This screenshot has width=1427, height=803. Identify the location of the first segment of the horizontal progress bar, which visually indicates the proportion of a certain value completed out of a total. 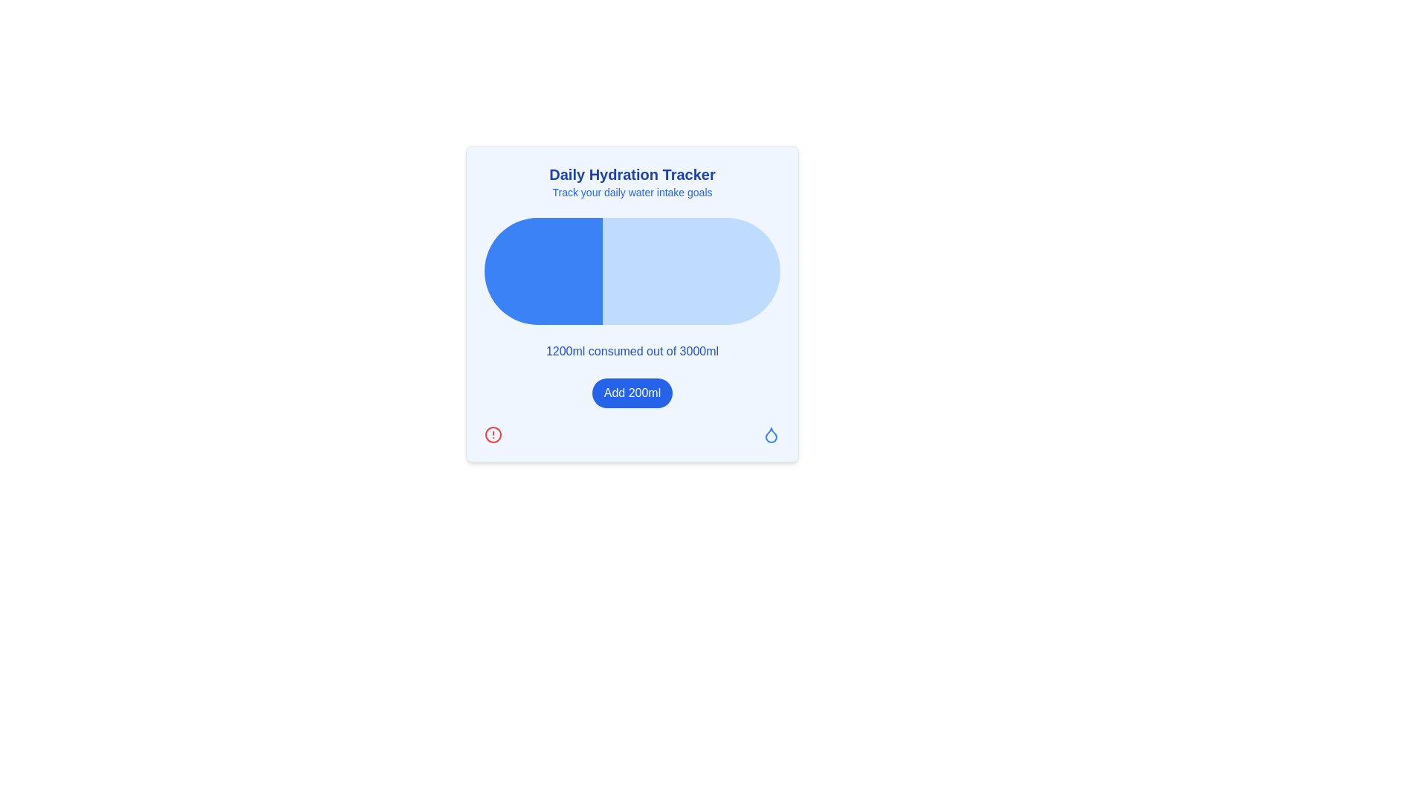
(543, 271).